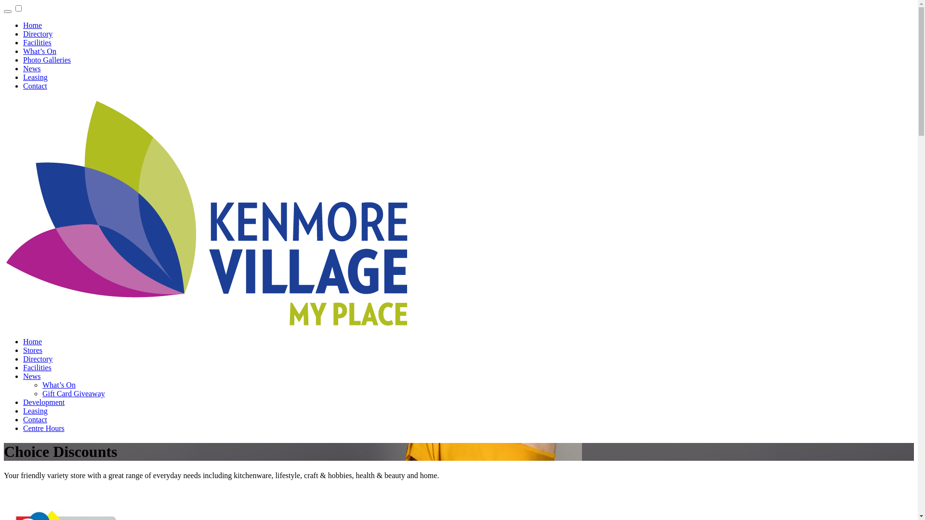 This screenshot has height=520, width=925. I want to click on 'Development', so click(43, 402).